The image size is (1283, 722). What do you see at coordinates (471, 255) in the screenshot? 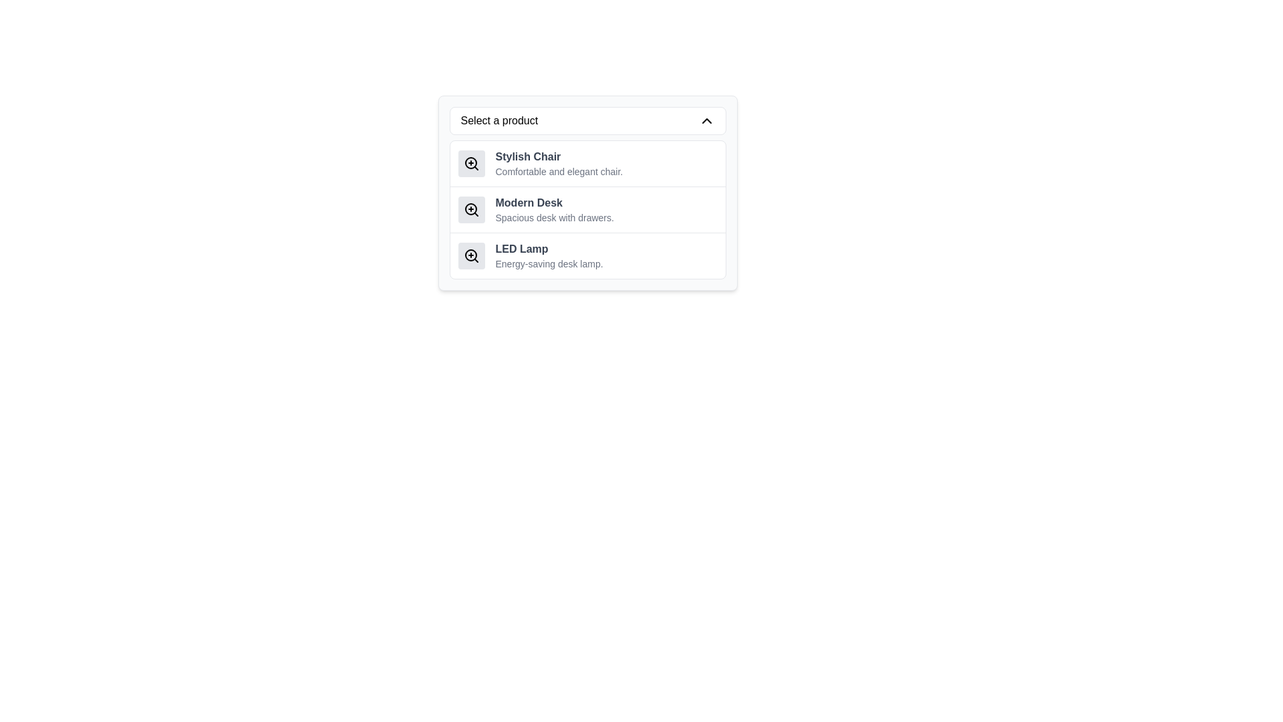
I see `the magnifying glass icon with a plus sign in its center, which is the third icon in a vertical list under 'Select a product'` at bounding box center [471, 255].